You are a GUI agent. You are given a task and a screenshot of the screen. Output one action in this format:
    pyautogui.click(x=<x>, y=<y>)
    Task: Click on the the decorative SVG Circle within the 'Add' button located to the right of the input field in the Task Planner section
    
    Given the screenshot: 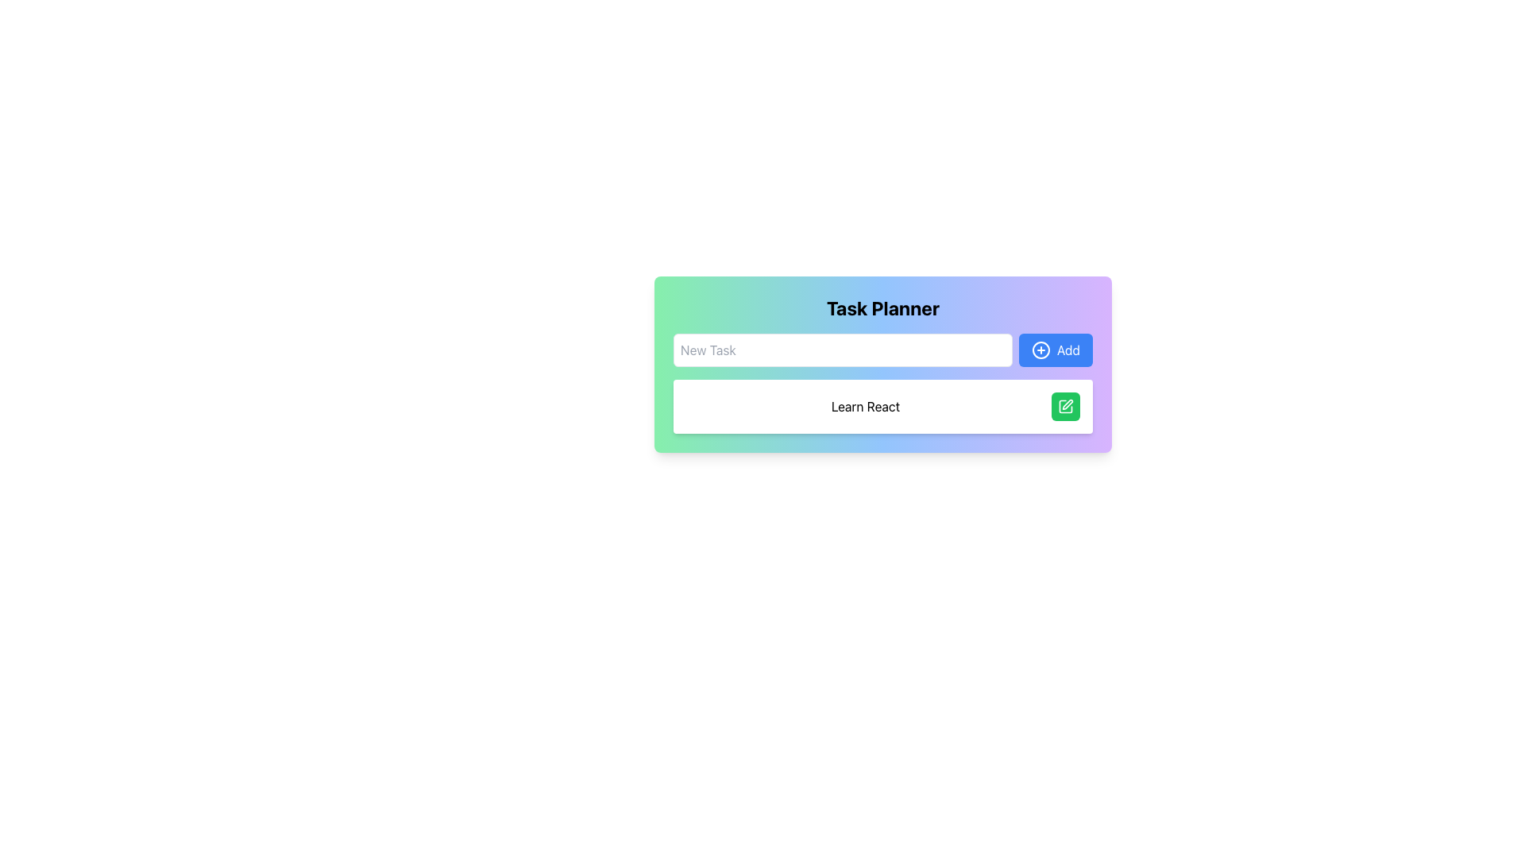 What is the action you would take?
    pyautogui.click(x=1040, y=349)
    